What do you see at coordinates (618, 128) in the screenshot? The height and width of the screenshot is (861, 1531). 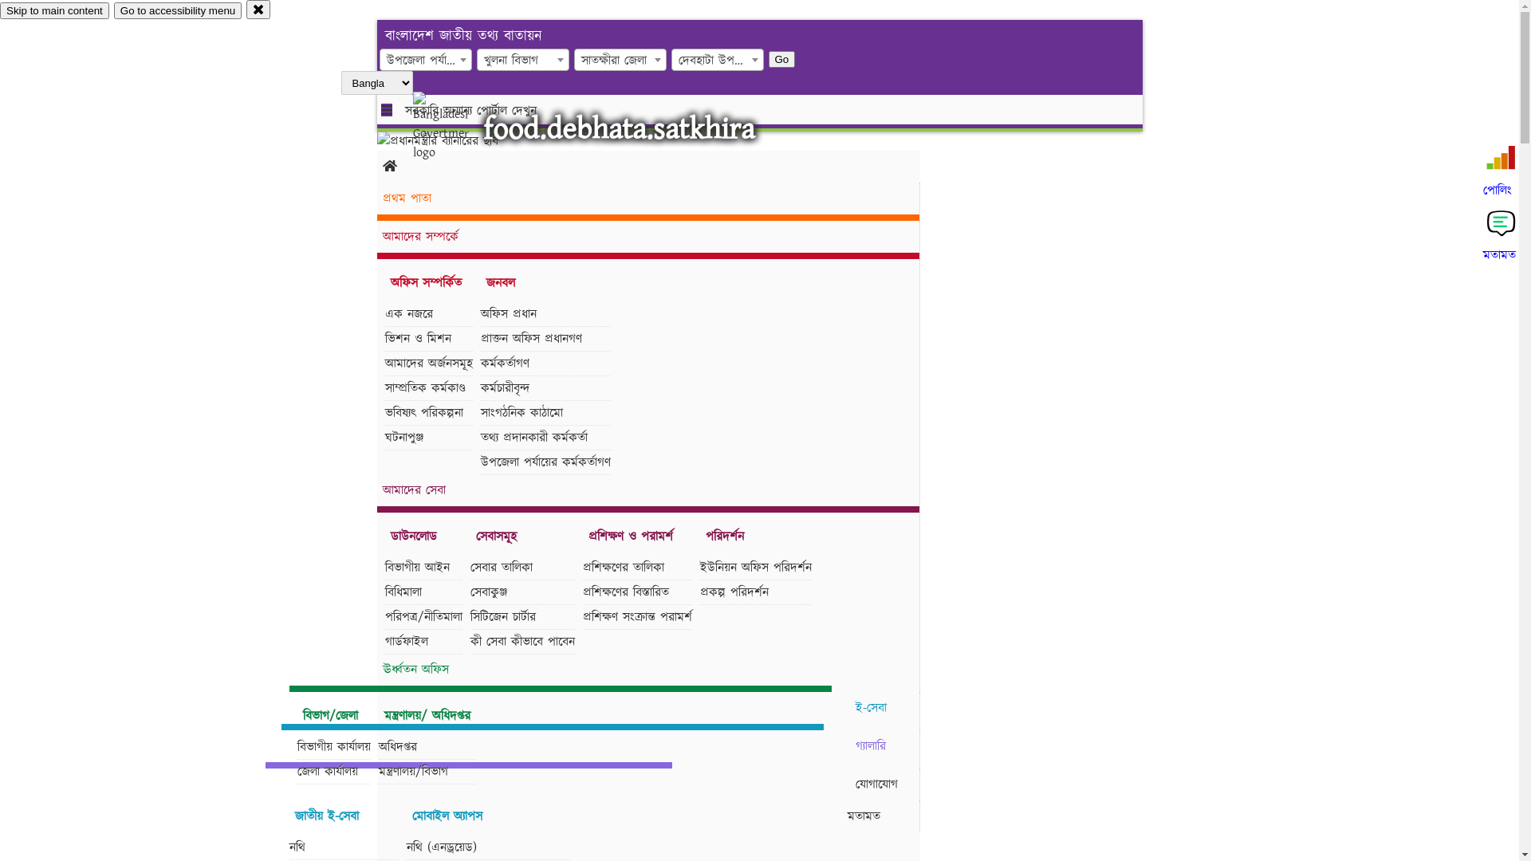 I see `'food.debhata.satkhira'` at bounding box center [618, 128].